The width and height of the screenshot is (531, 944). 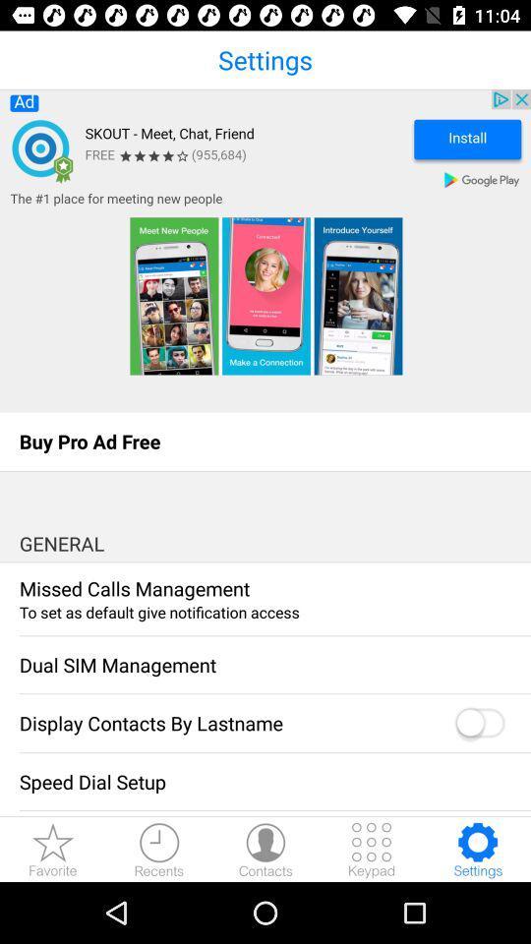 I want to click on the settings icon, so click(x=477, y=849).